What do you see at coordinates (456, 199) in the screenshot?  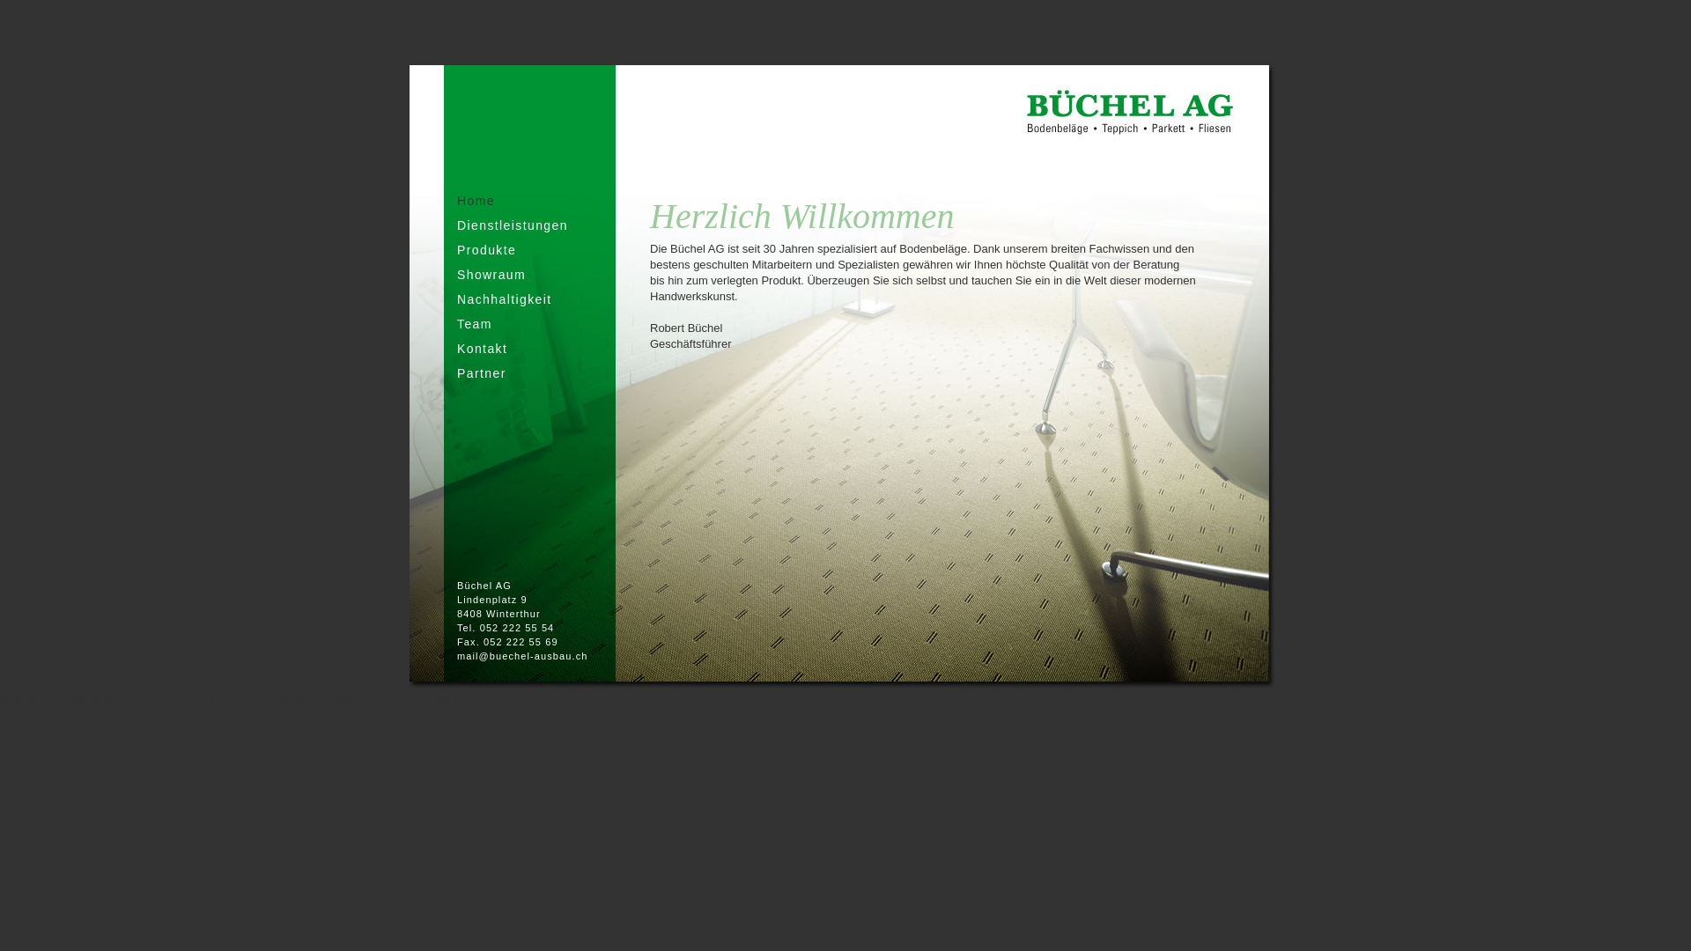 I see `'Home'` at bounding box center [456, 199].